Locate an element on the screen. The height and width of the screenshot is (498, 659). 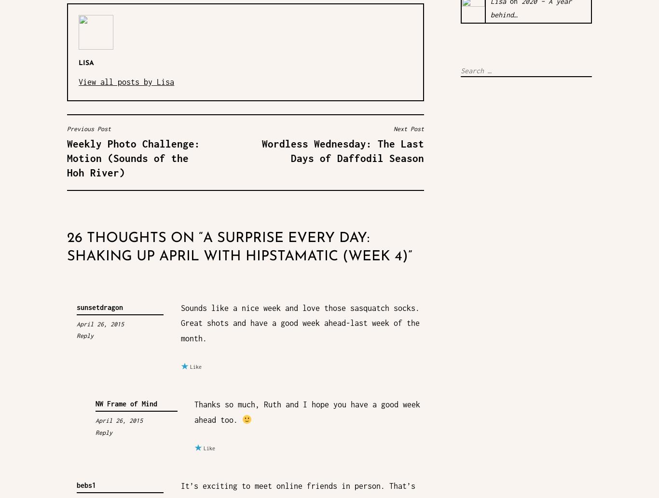
'26 thoughts on “' is located at coordinates (135, 238).